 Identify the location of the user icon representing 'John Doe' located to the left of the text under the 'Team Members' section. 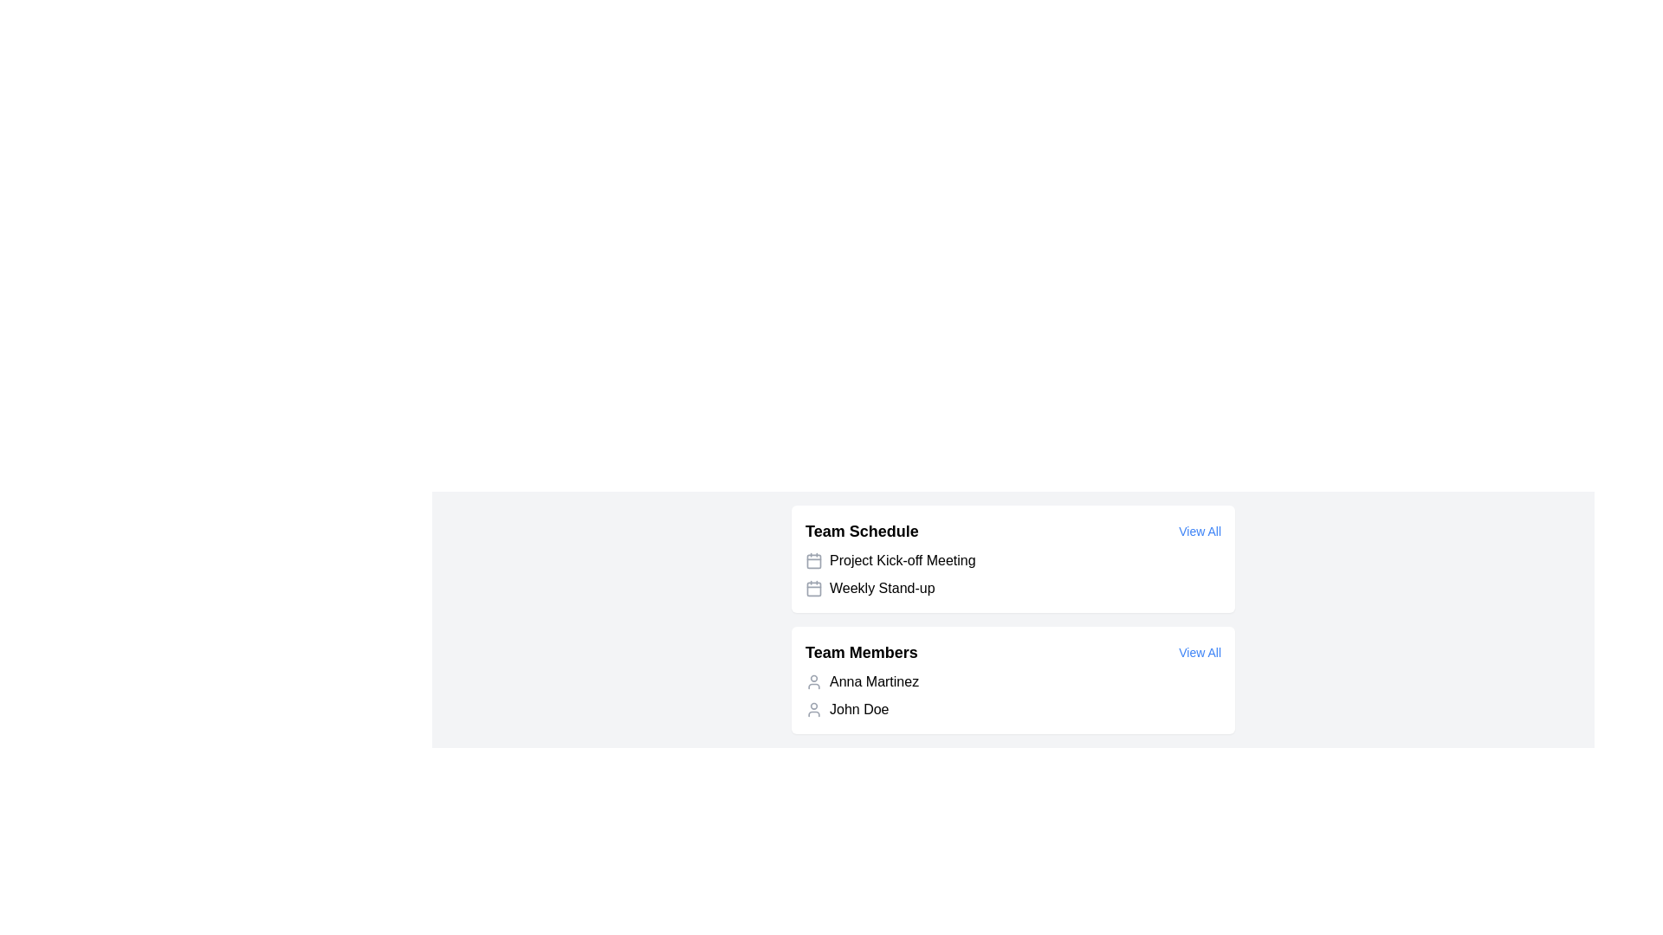
(813, 710).